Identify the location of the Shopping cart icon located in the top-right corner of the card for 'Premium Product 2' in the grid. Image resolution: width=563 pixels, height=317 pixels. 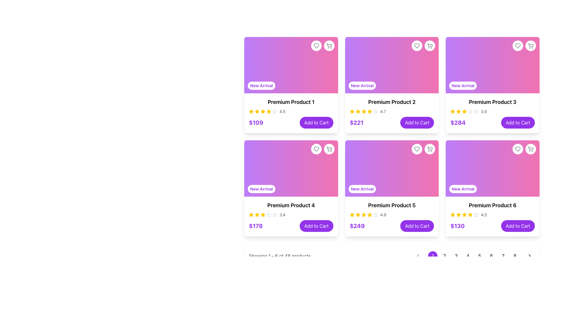
(430, 45).